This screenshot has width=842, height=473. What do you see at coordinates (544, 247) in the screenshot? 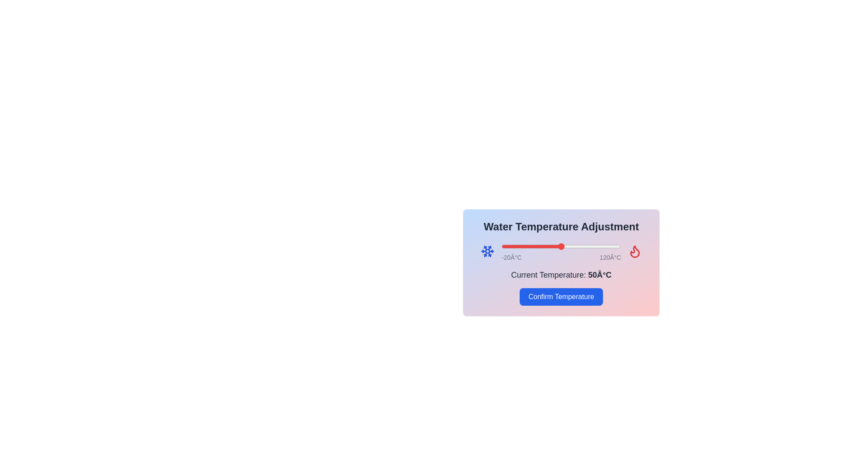
I see `the temperature slider to 30°C` at bounding box center [544, 247].